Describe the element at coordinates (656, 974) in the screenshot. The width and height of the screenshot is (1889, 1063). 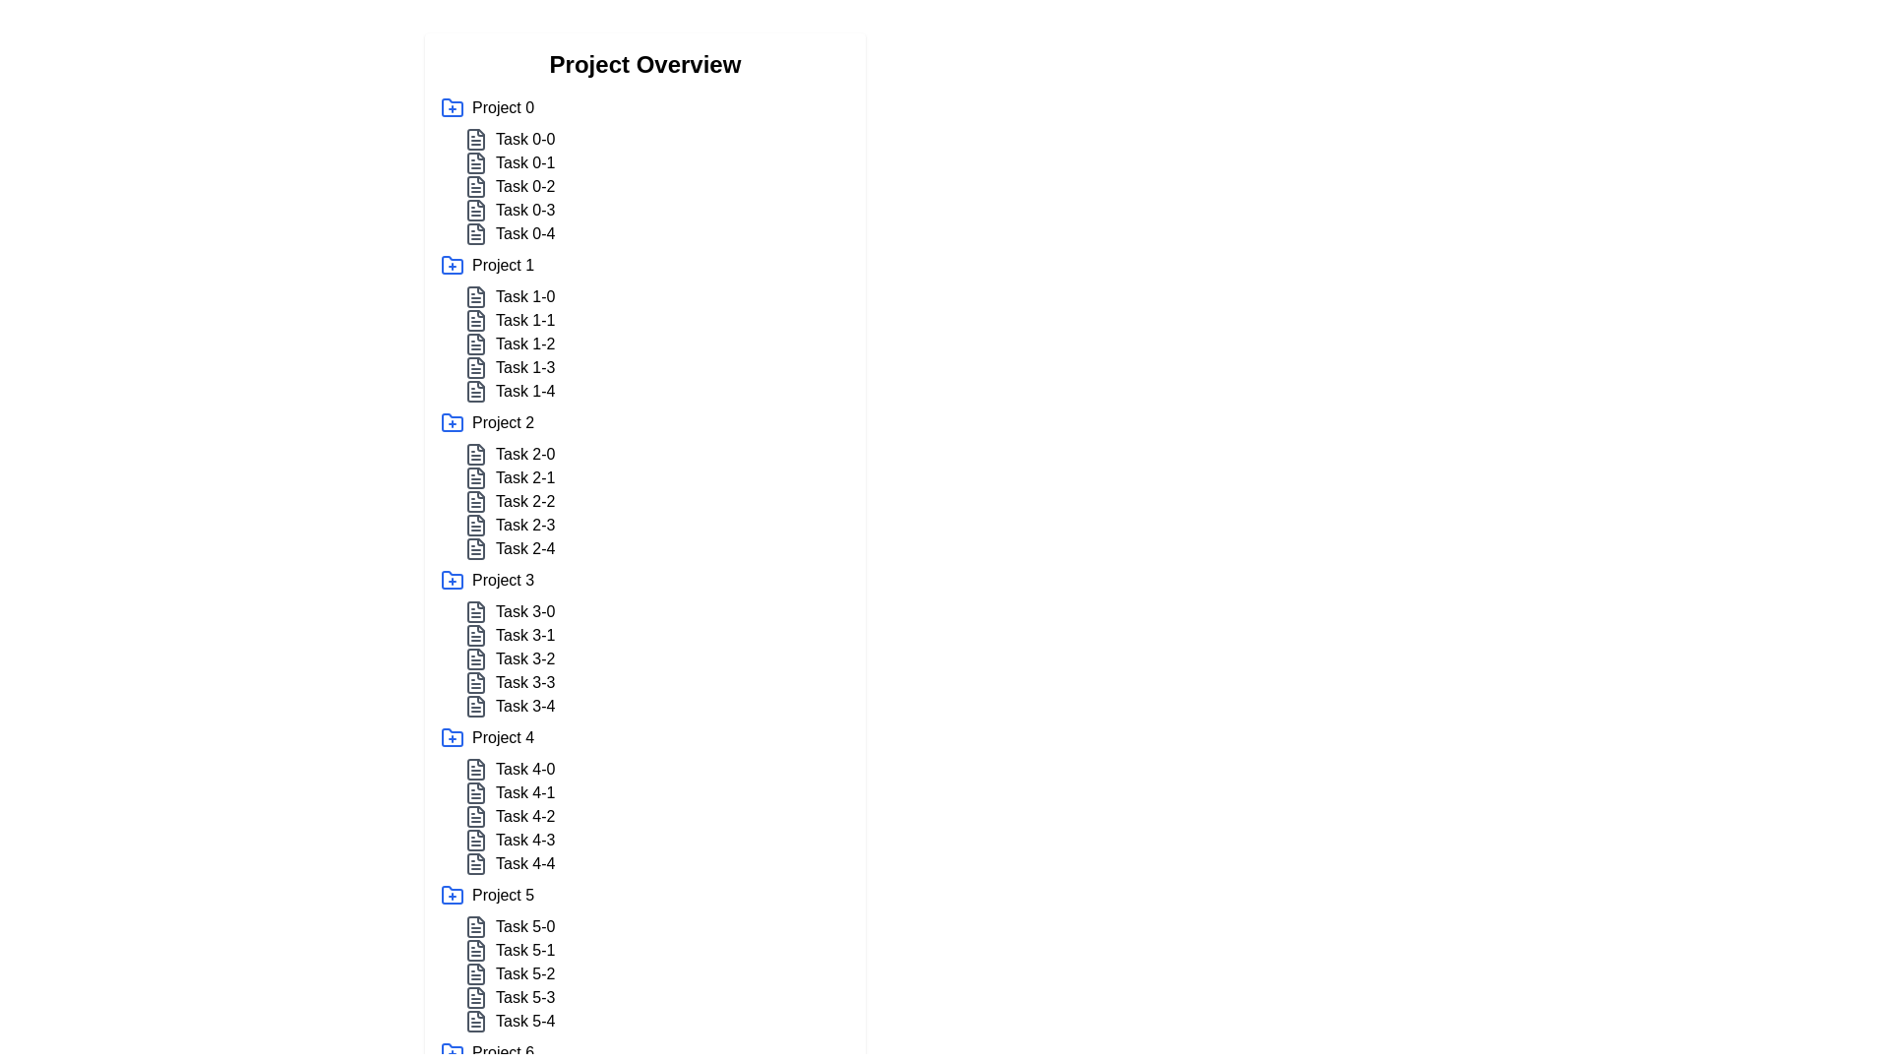
I see `the third list item in the 'Project 5' section, which identifies 'Task 5-2'` at that location.